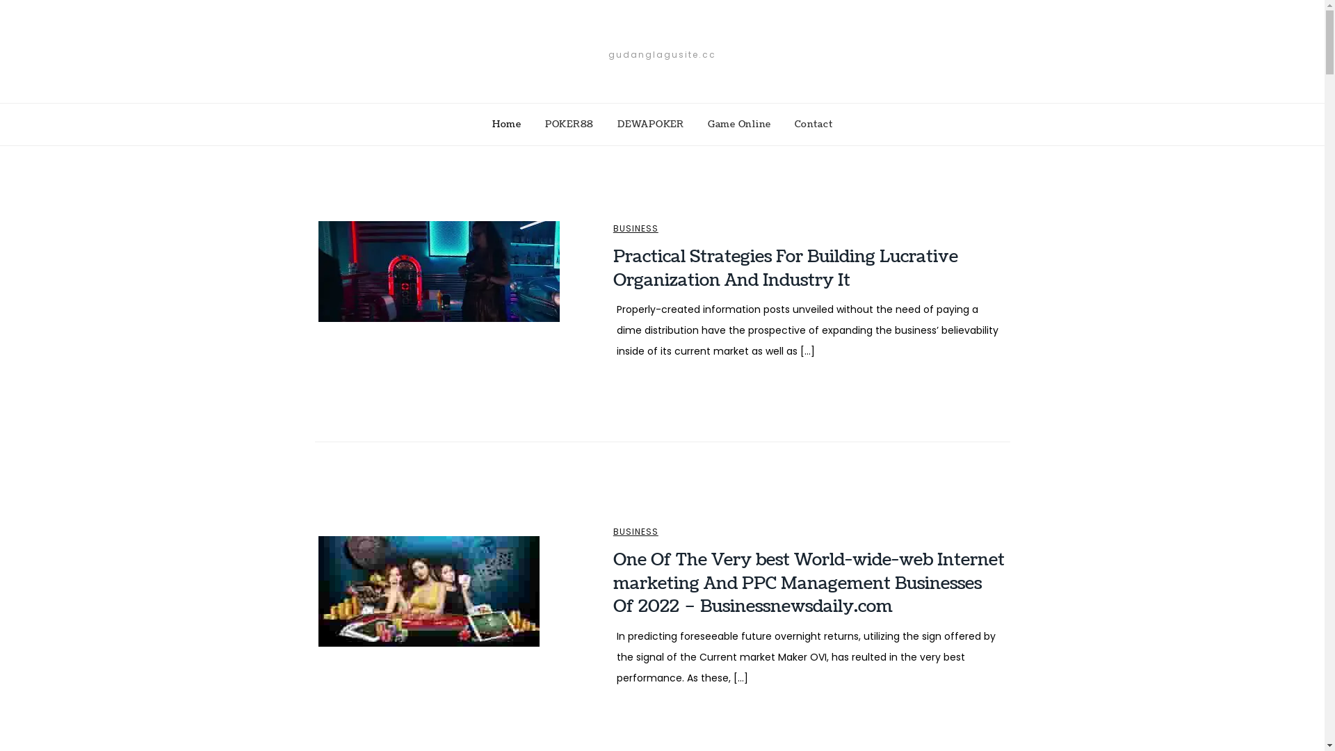 The image size is (1335, 751). What do you see at coordinates (506, 123) in the screenshot?
I see `'Home'` at bounding box center [506, 123].